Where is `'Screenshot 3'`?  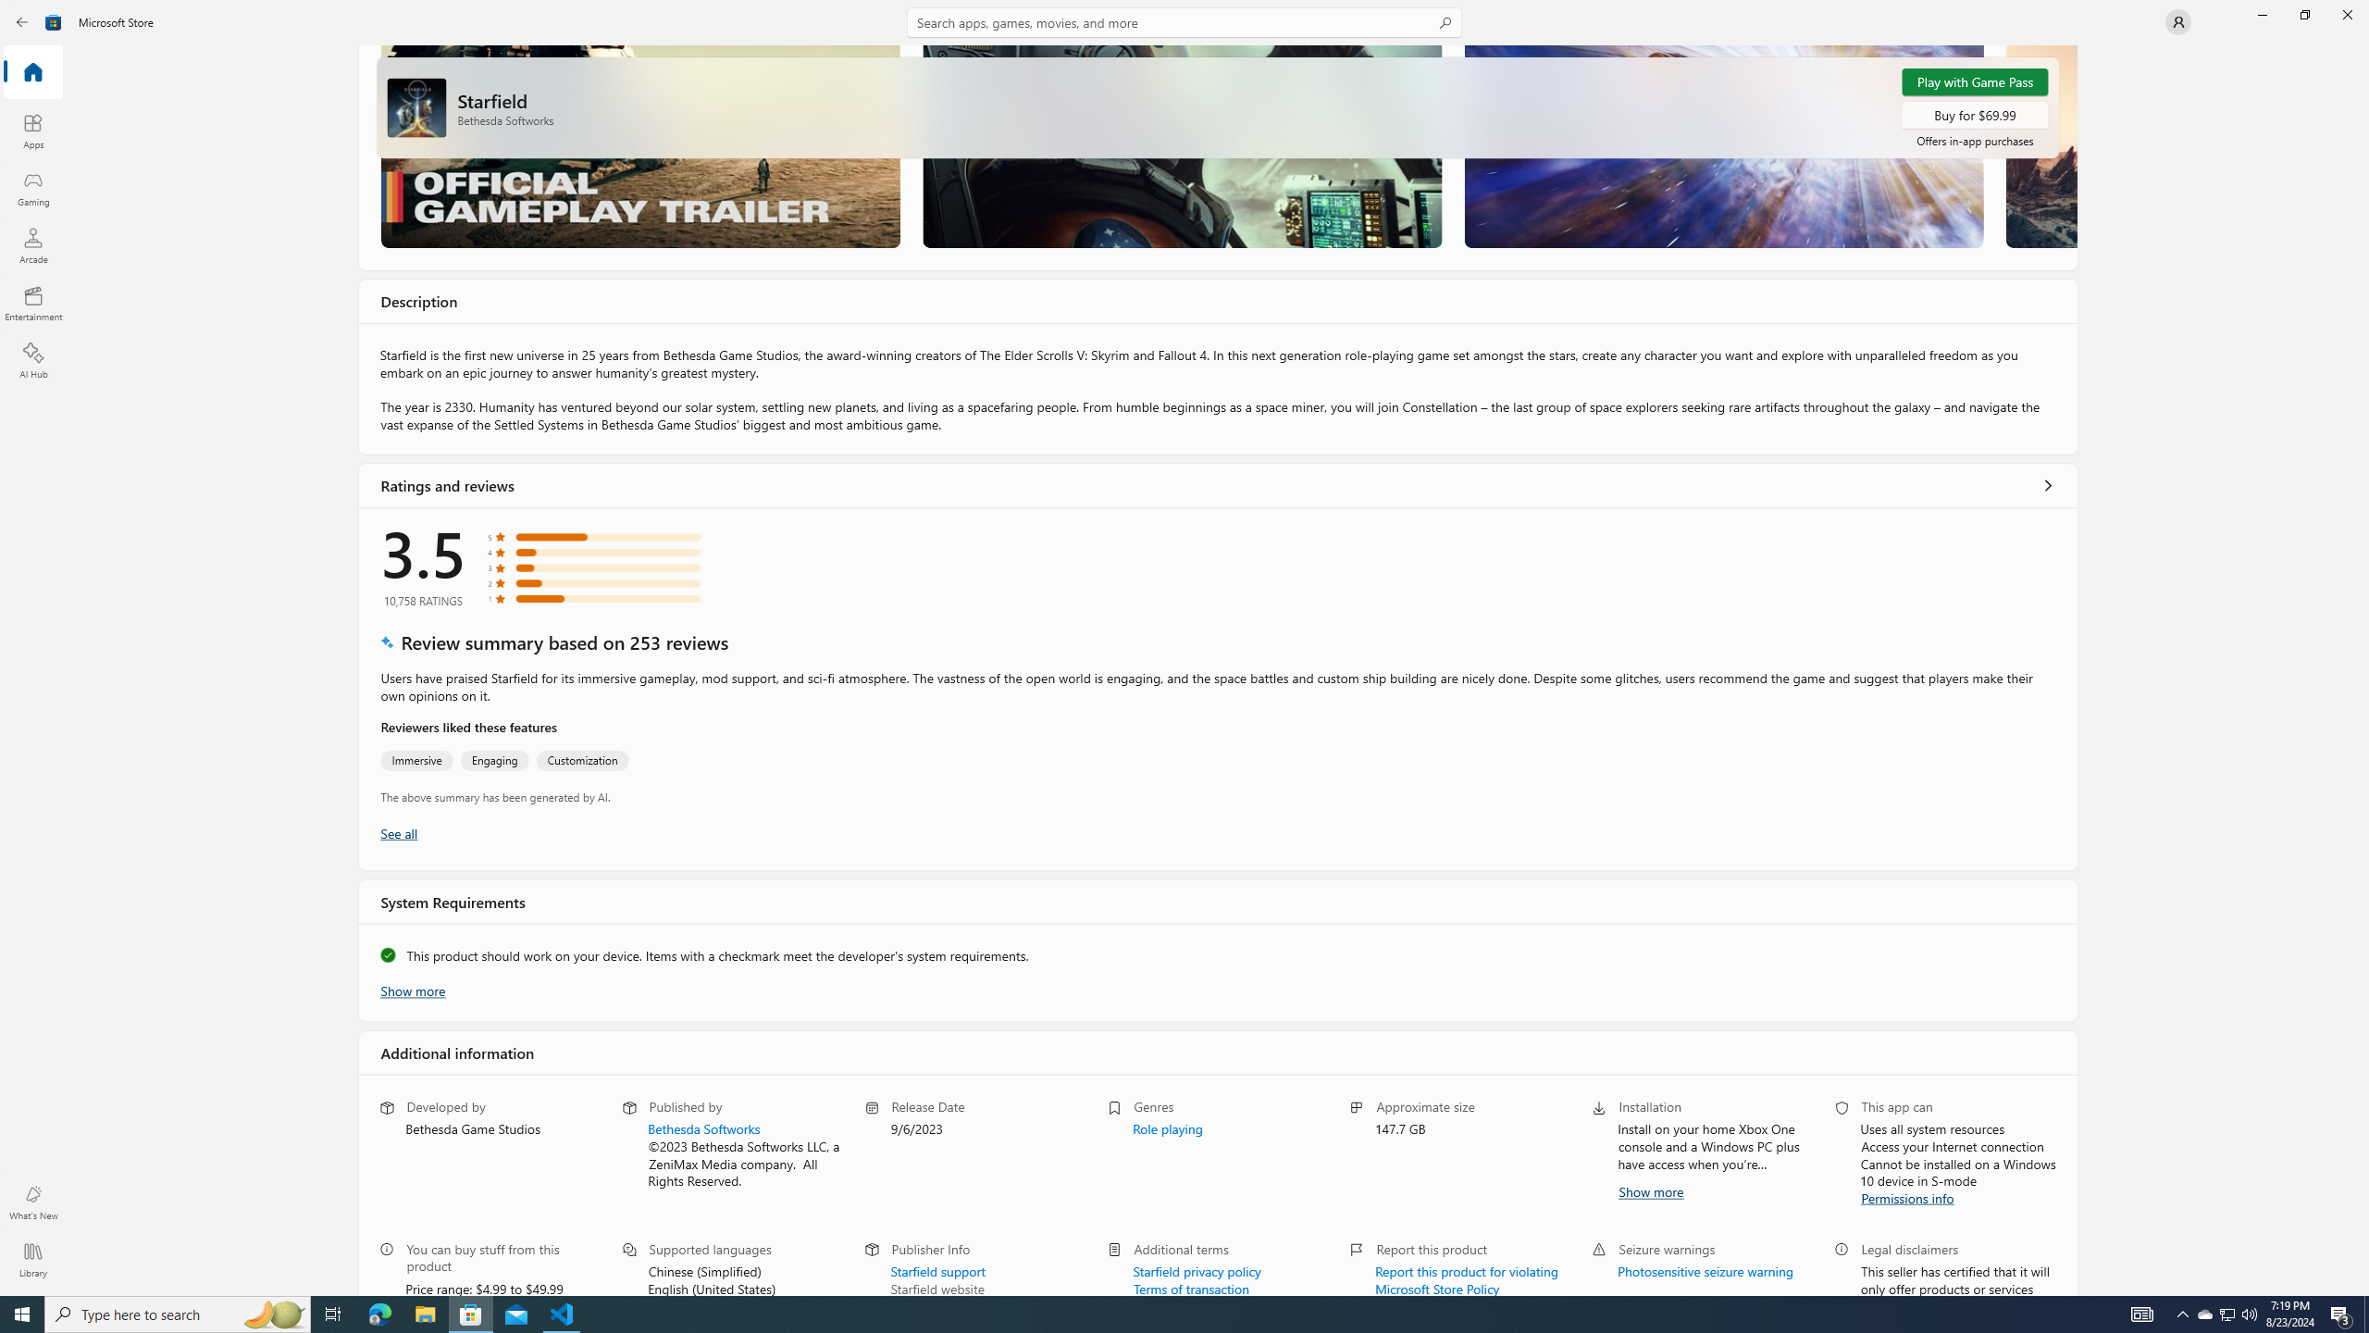 'Screenshot 3' is located at coordinates (1723, 145).